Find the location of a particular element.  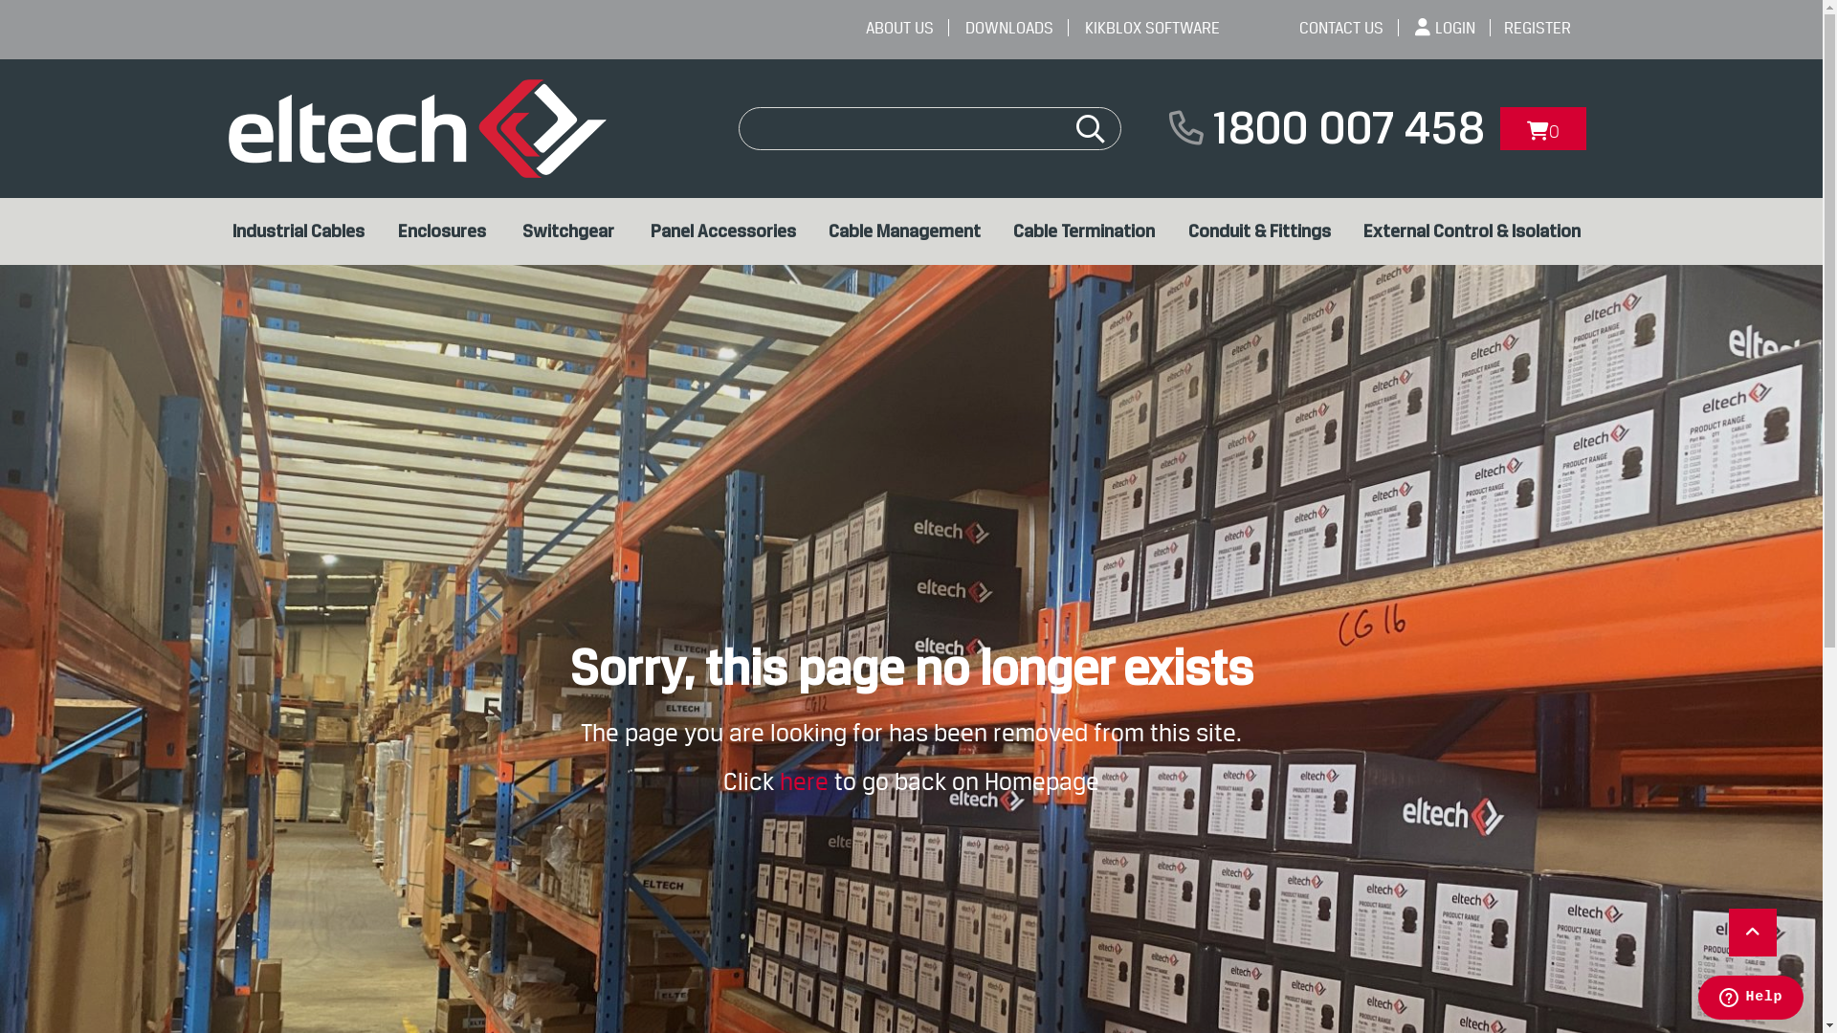

'0' is located at coordinates (1499, 128).